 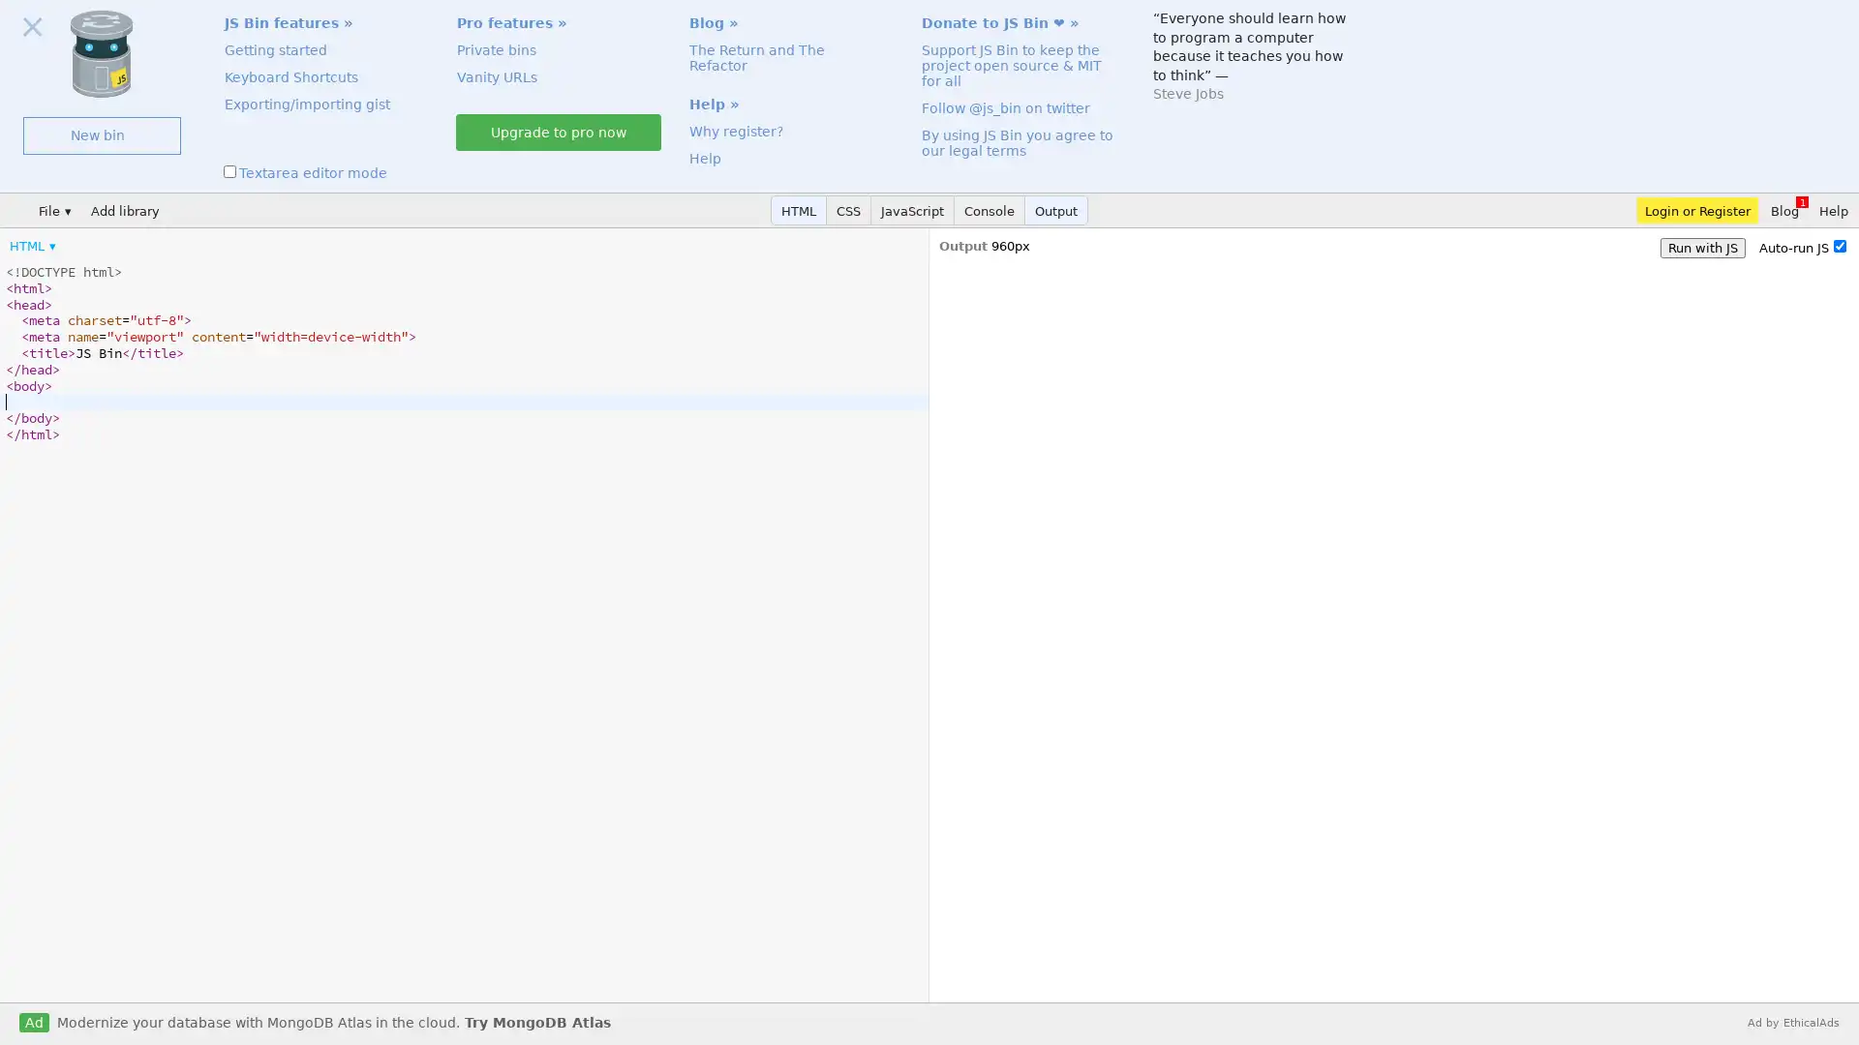 I want to click on JavaScript Panel: Inactive, so click(x=911, y=210).